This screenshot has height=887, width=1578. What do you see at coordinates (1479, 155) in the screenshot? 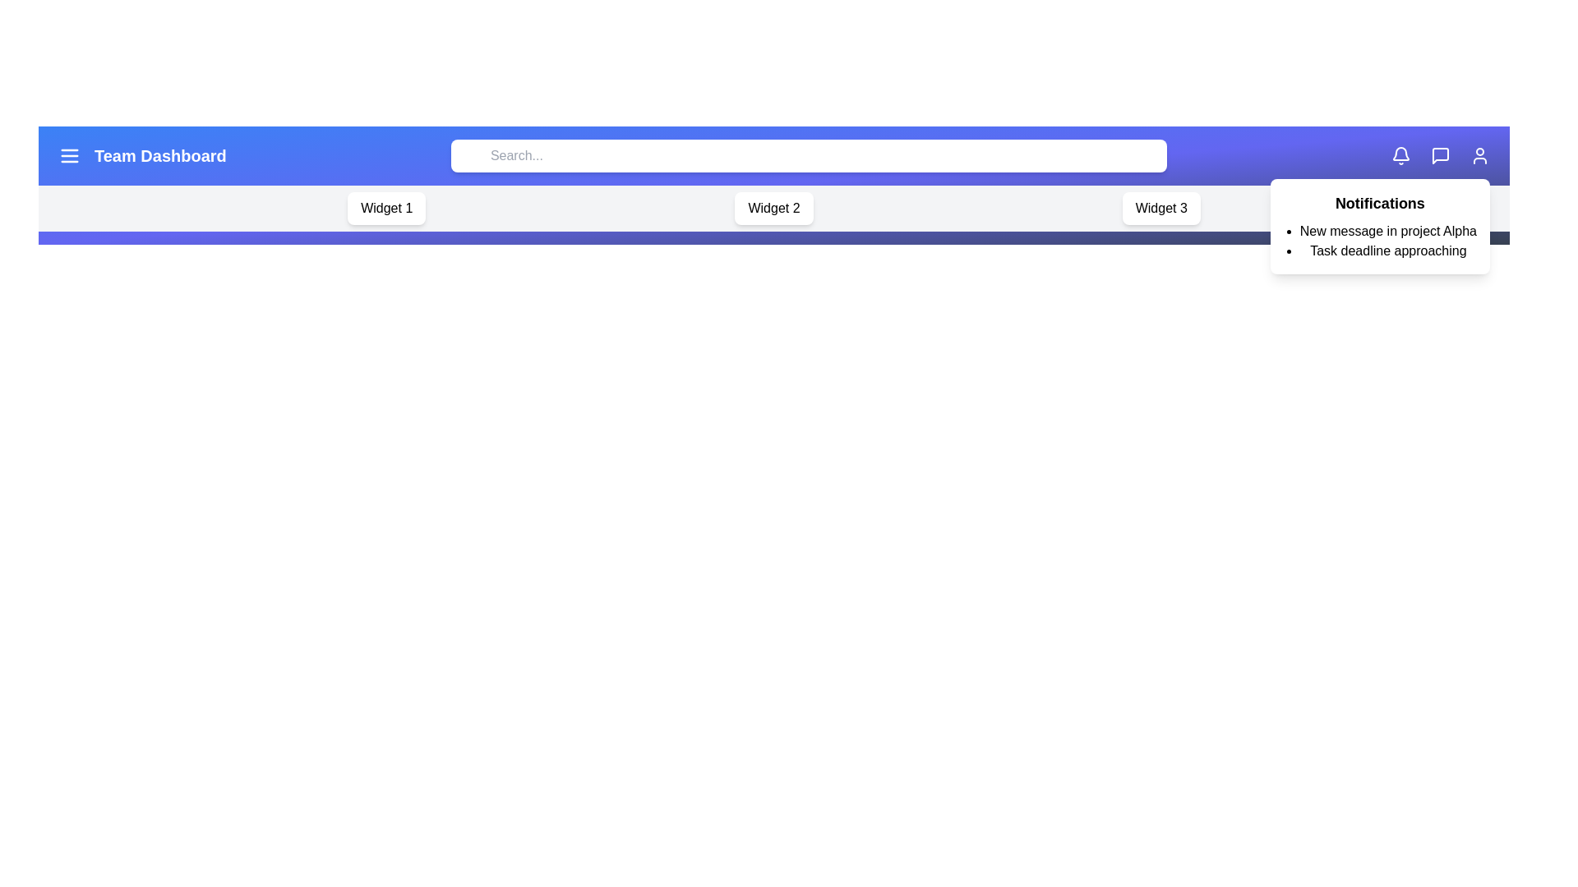
I see `the user icon to open user account options` at bounding box center [1479, 155].